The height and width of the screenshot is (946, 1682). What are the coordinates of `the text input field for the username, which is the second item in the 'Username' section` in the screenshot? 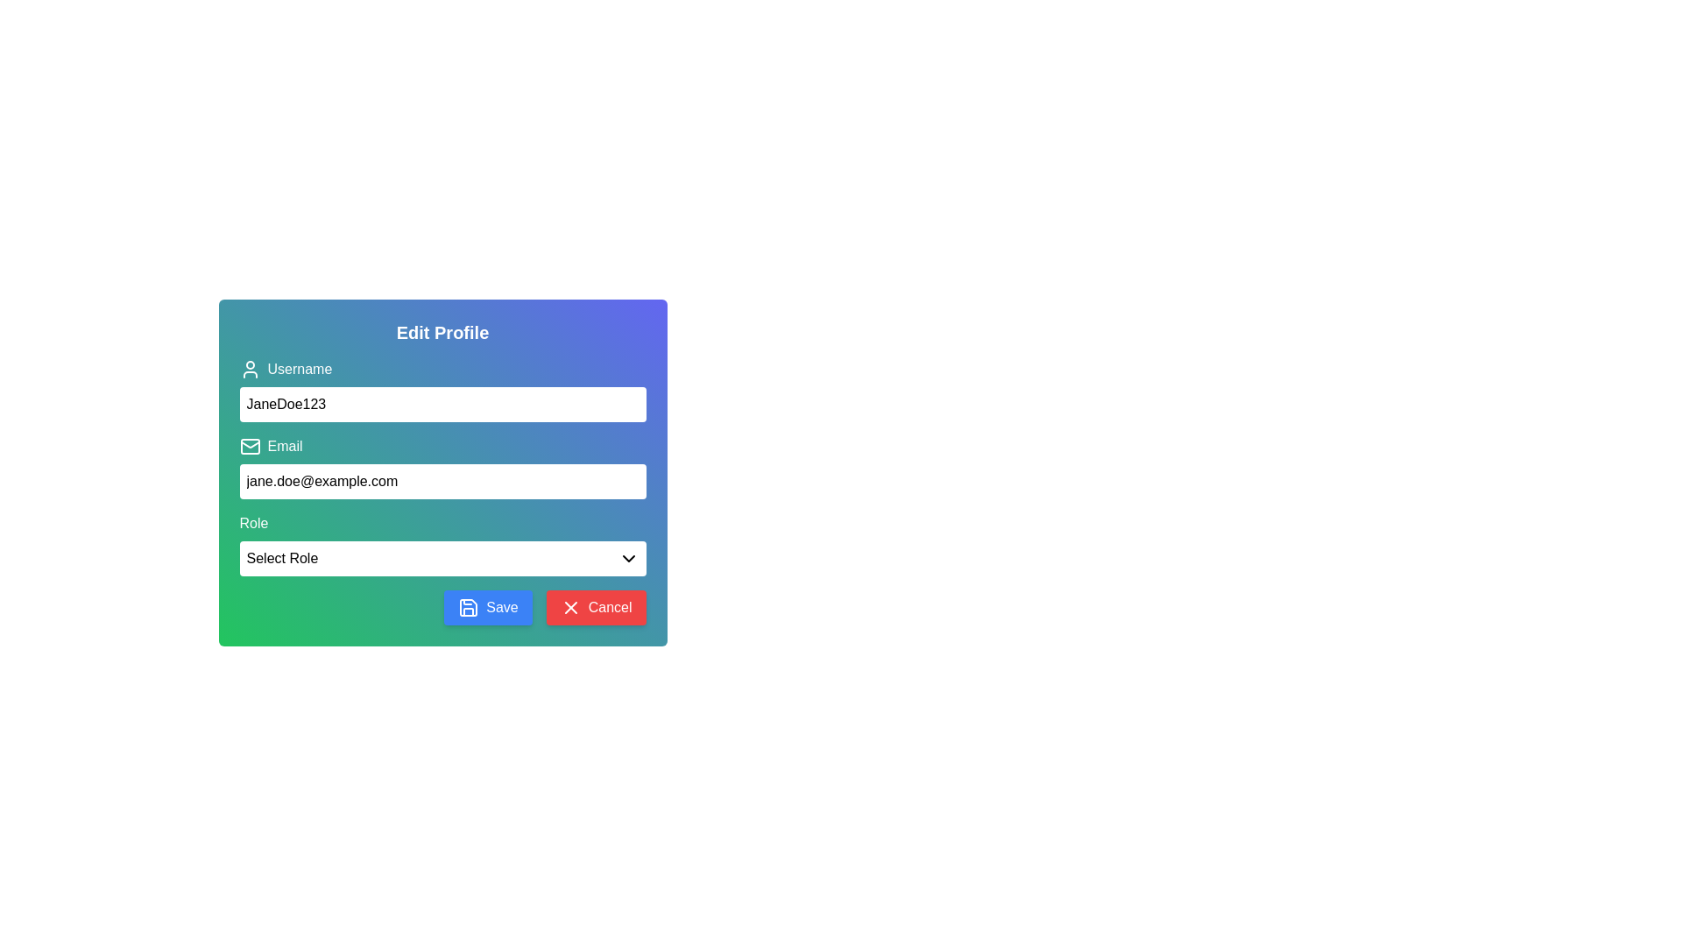 It's located at (442, 390).